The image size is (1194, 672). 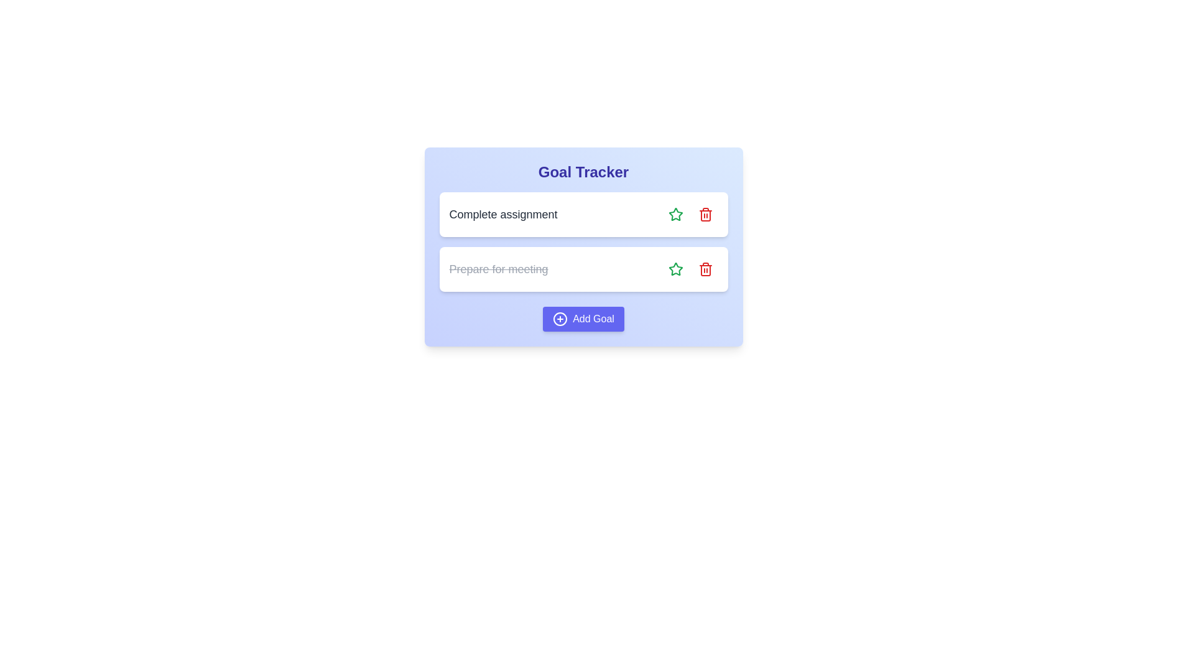 I want to click on the Graphic icon (SVG) that represents the action of adding an item or goal, located to the left of the 'Add Goal' text within the 'Add Goal' button at the center bottom of the card, so click(x=560, y=319).